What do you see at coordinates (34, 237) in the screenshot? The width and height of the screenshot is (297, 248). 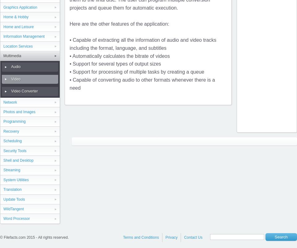 I see `'© Filefacts.com 2015 - All rights reserved.'` at bounding box center [34, 237].